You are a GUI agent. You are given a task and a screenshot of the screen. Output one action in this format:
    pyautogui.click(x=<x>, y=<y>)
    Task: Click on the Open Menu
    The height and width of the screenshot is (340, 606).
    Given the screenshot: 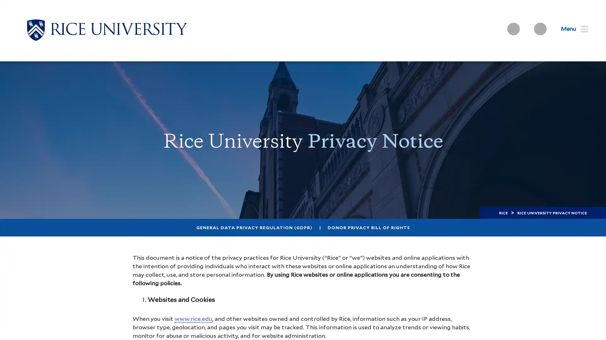 What is the action you would take?
    pyautogui.click(x=571, y=29)
    